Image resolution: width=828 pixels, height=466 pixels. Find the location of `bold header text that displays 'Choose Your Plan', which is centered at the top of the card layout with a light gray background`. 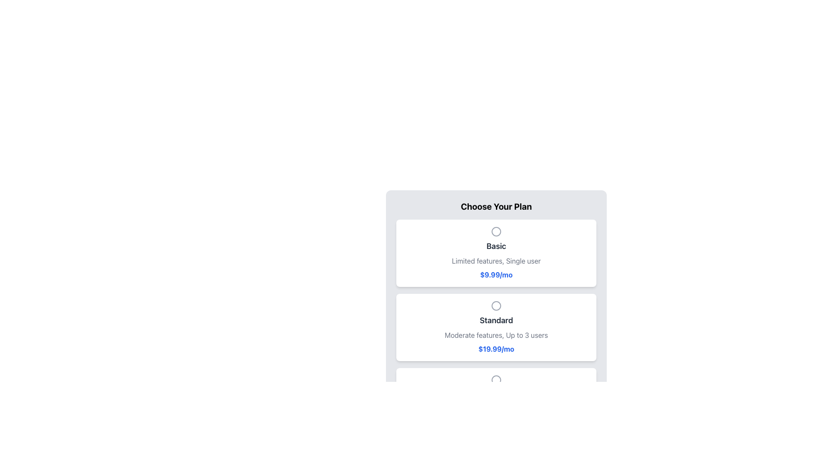

bold header text that displays 'Choose Your Plan', which is centered at the top of the card layout with a light gray background is located at coordinates (496, 206).